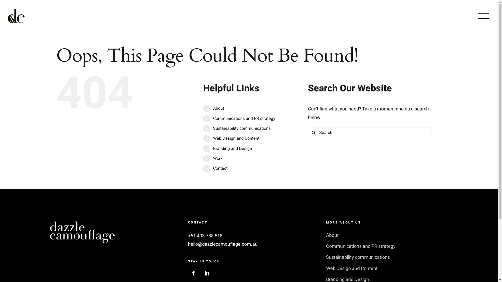 This screenshot has width=502, height=282. What do you see at coordinates (387, 257) in the screenshot?
I see `'Sustainability communications'` at bounding box center [387, 257].